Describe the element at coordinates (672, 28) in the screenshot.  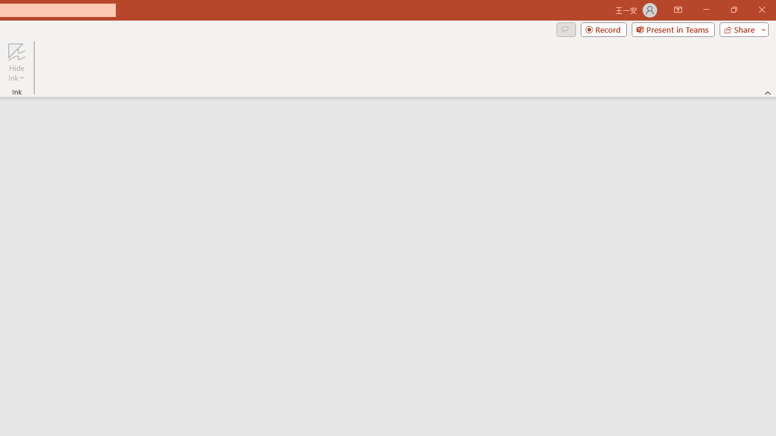
I see `'Present in Teams'` at that location.